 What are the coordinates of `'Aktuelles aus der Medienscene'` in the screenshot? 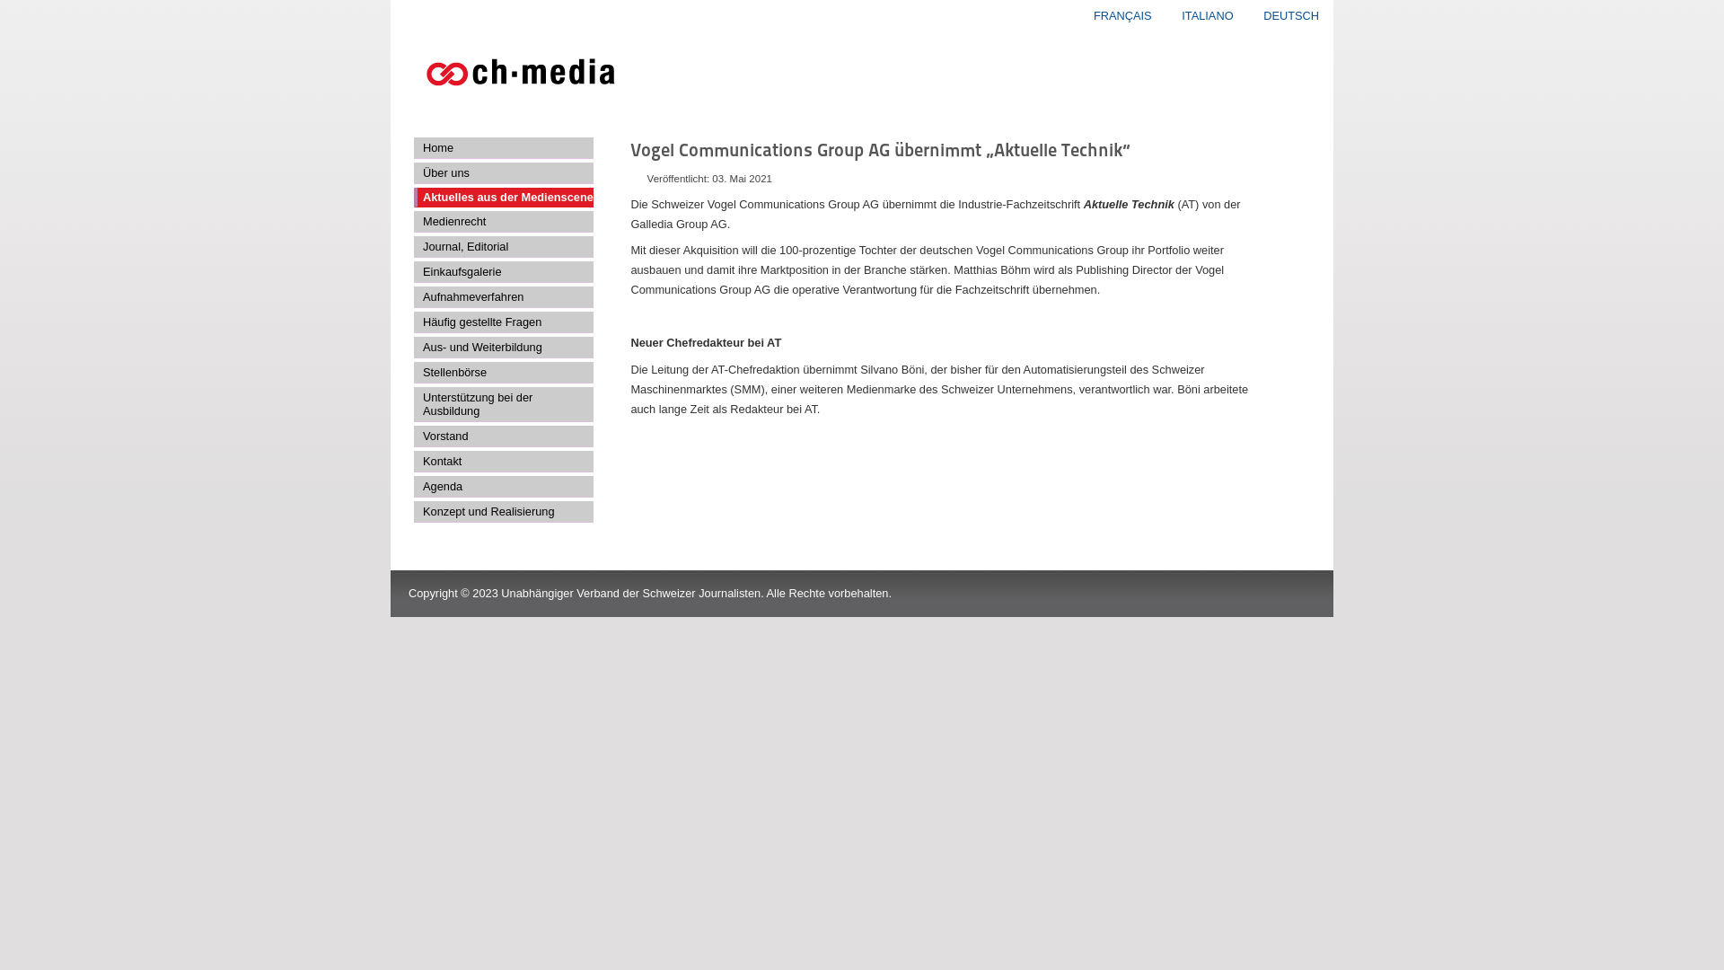 It's located at (503, 197).